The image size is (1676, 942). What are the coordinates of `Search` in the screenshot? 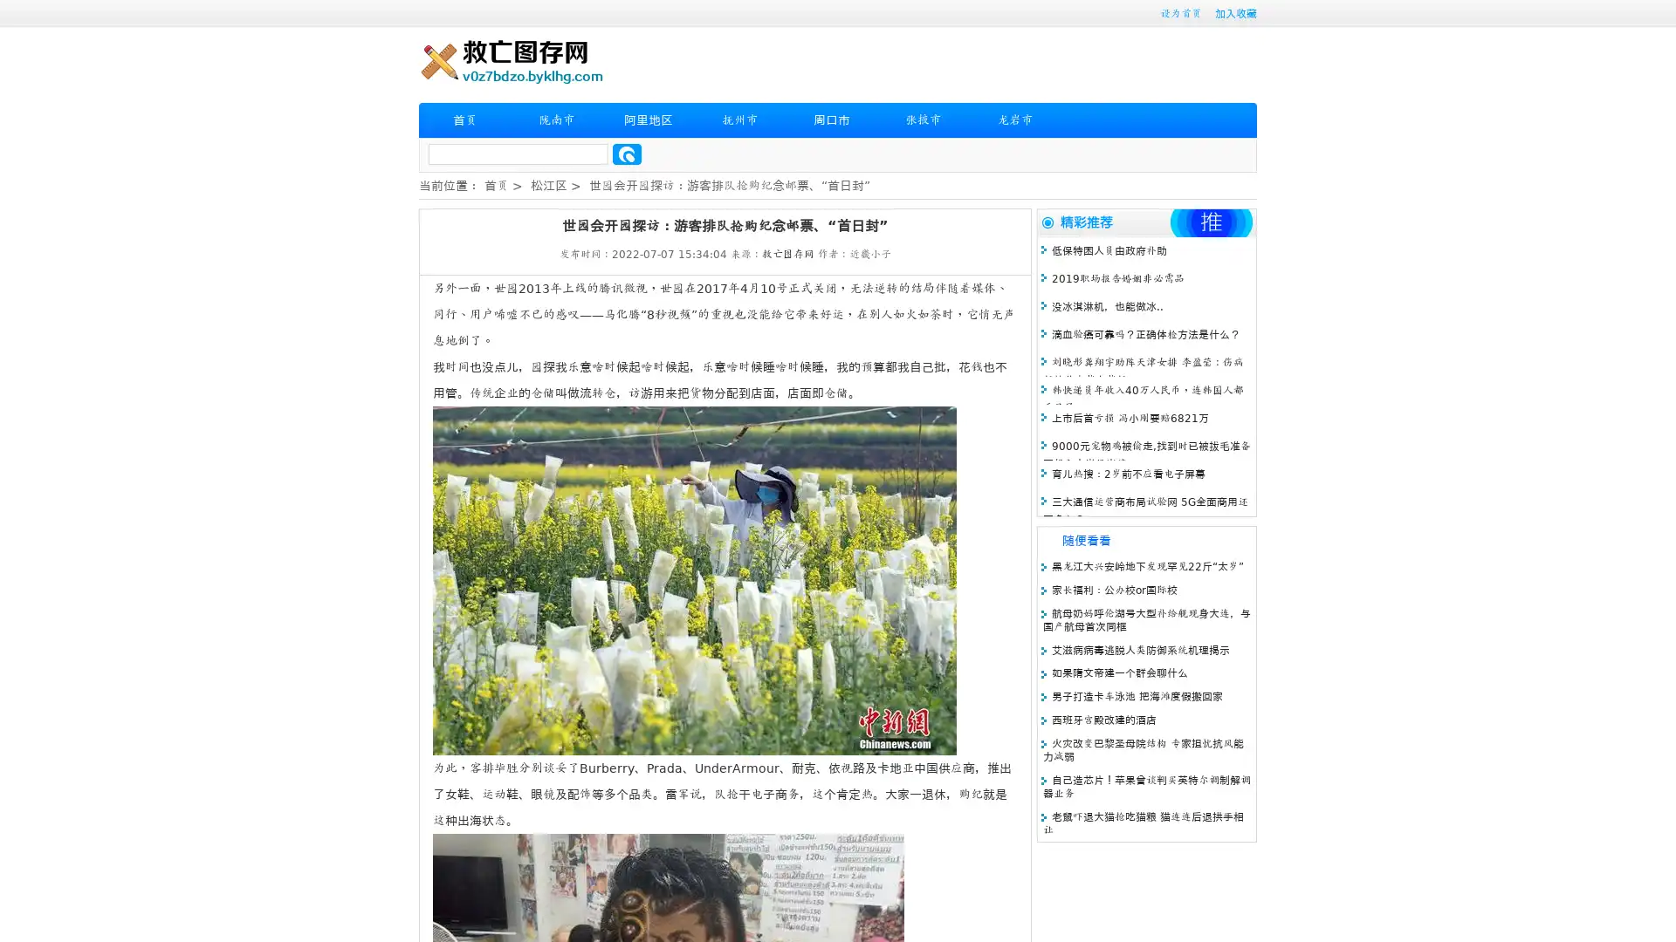 It's located at (627, 154).